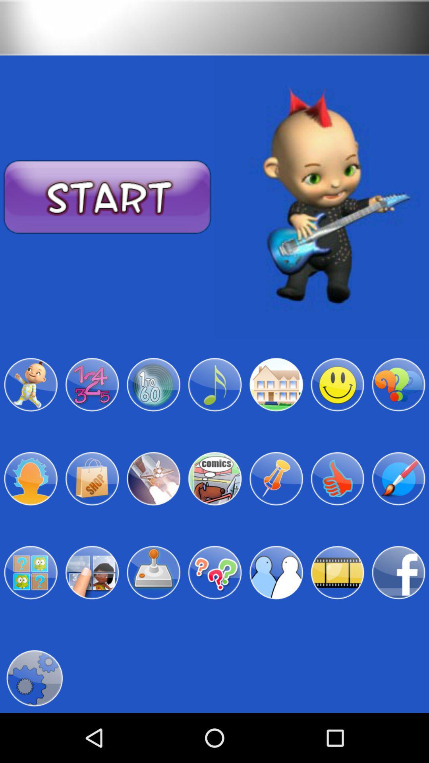 The image size is (429, 763). Describe the element at coordinates (214, 385) in the screenshot. I see `music switch` at that location.